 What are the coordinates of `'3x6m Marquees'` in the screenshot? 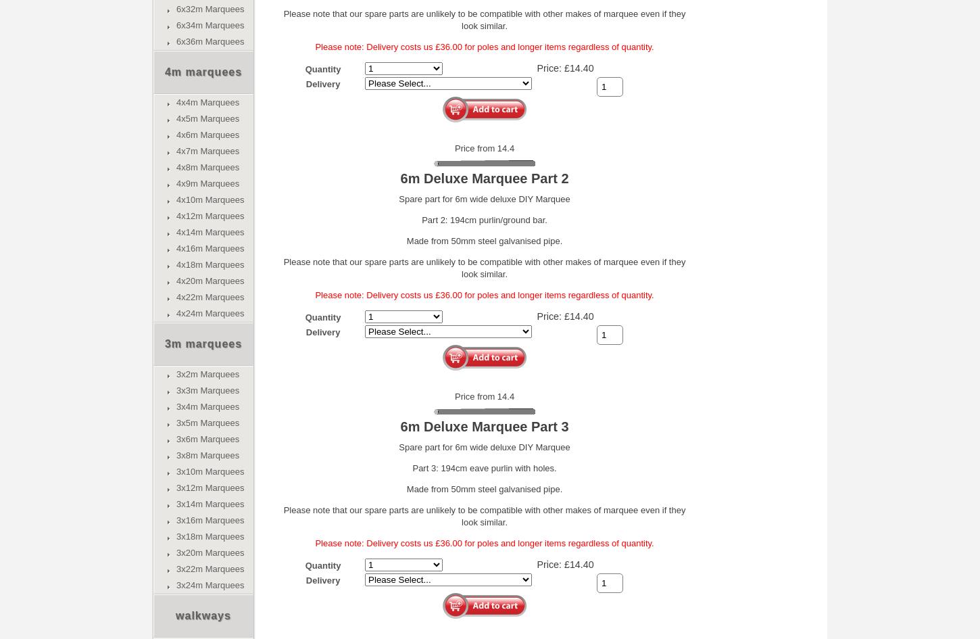 It's located at (207, 438).